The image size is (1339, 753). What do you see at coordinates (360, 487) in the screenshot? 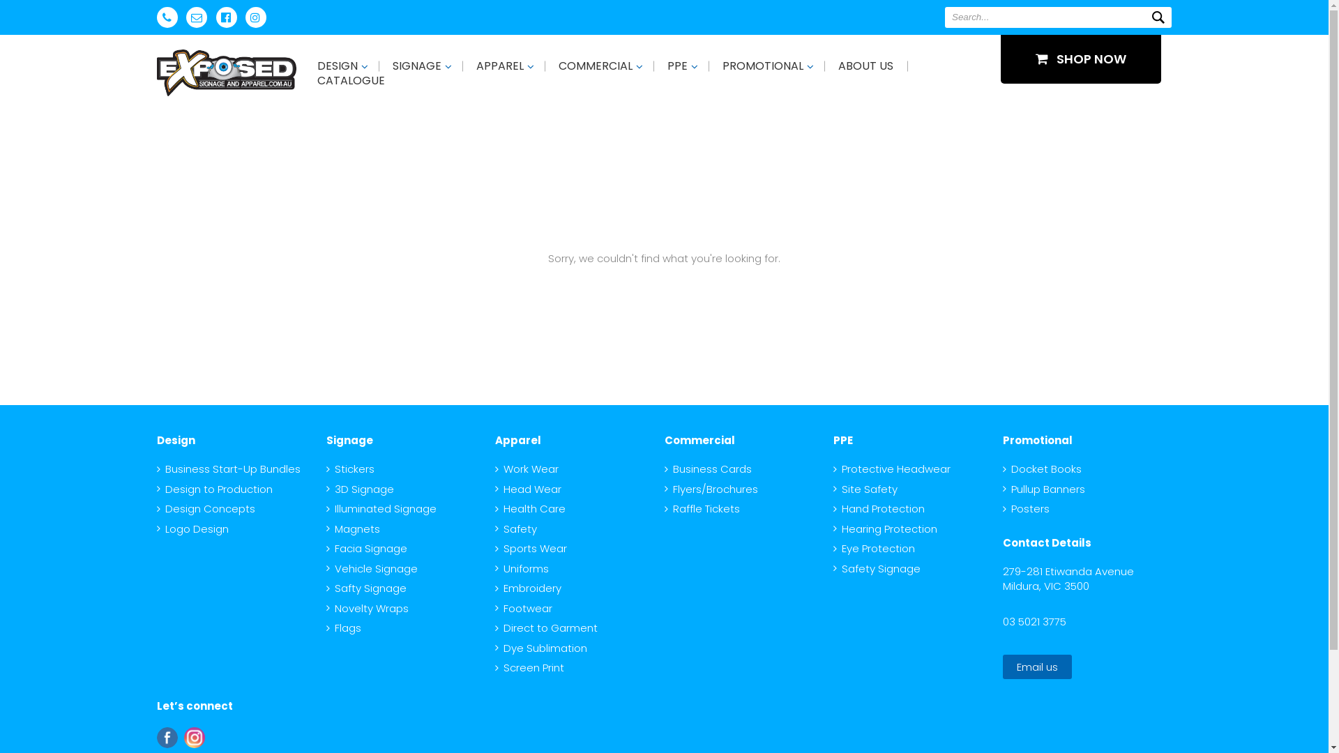
I see `'3D Signage'` at bounding box center [360, 487].